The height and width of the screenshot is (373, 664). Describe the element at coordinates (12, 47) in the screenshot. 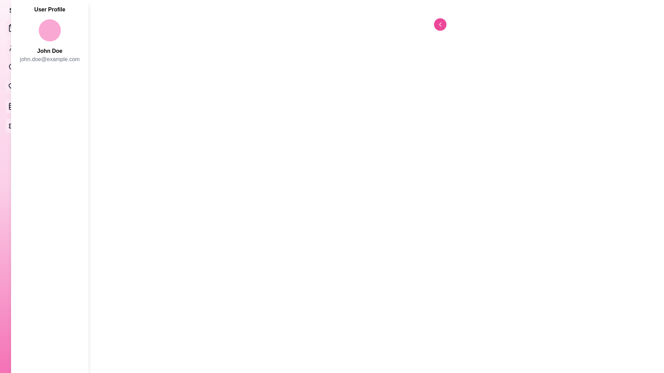

I see `'Profile' menu item icon, which is located at the left edge of the menu, to the left of the text label` at that location.